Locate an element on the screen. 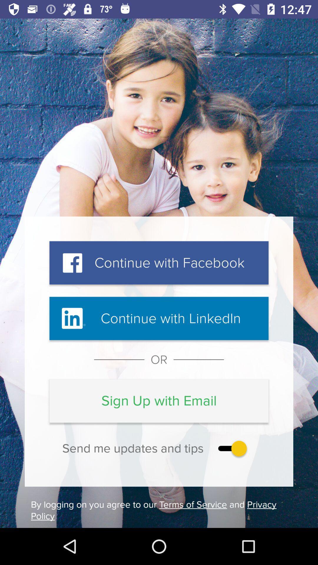 This screenshot has width=318, height=565. enable the notification is located at coordinates (231, 448).